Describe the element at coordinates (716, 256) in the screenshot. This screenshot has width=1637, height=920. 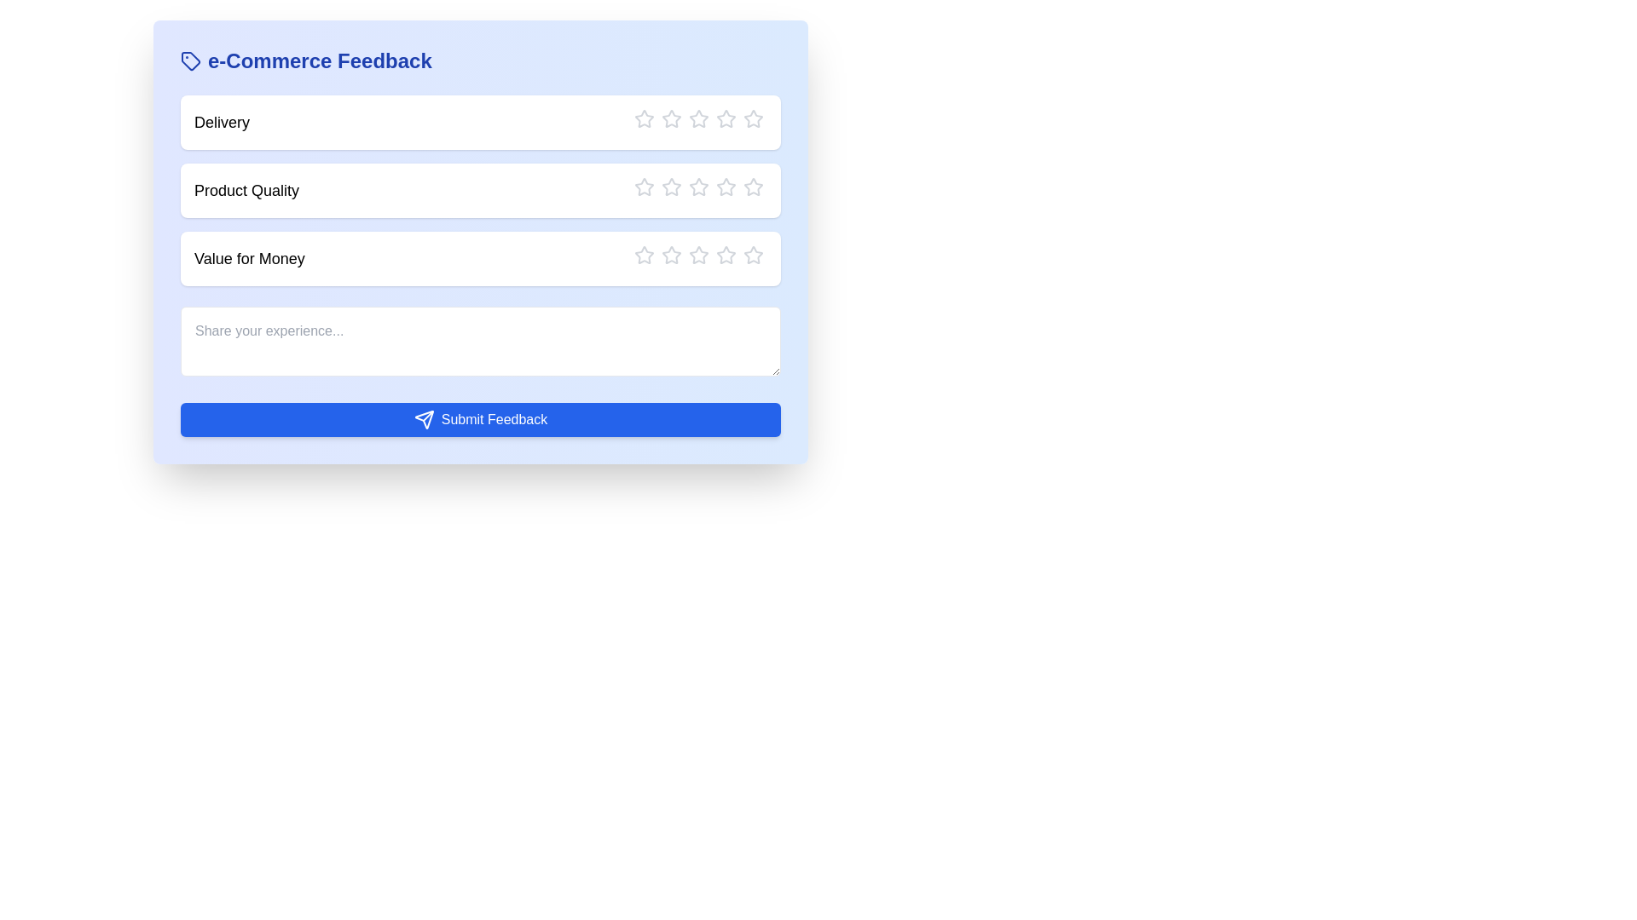
I see `the star corresponding to the rating 4 for the category Value for Money` at that location.